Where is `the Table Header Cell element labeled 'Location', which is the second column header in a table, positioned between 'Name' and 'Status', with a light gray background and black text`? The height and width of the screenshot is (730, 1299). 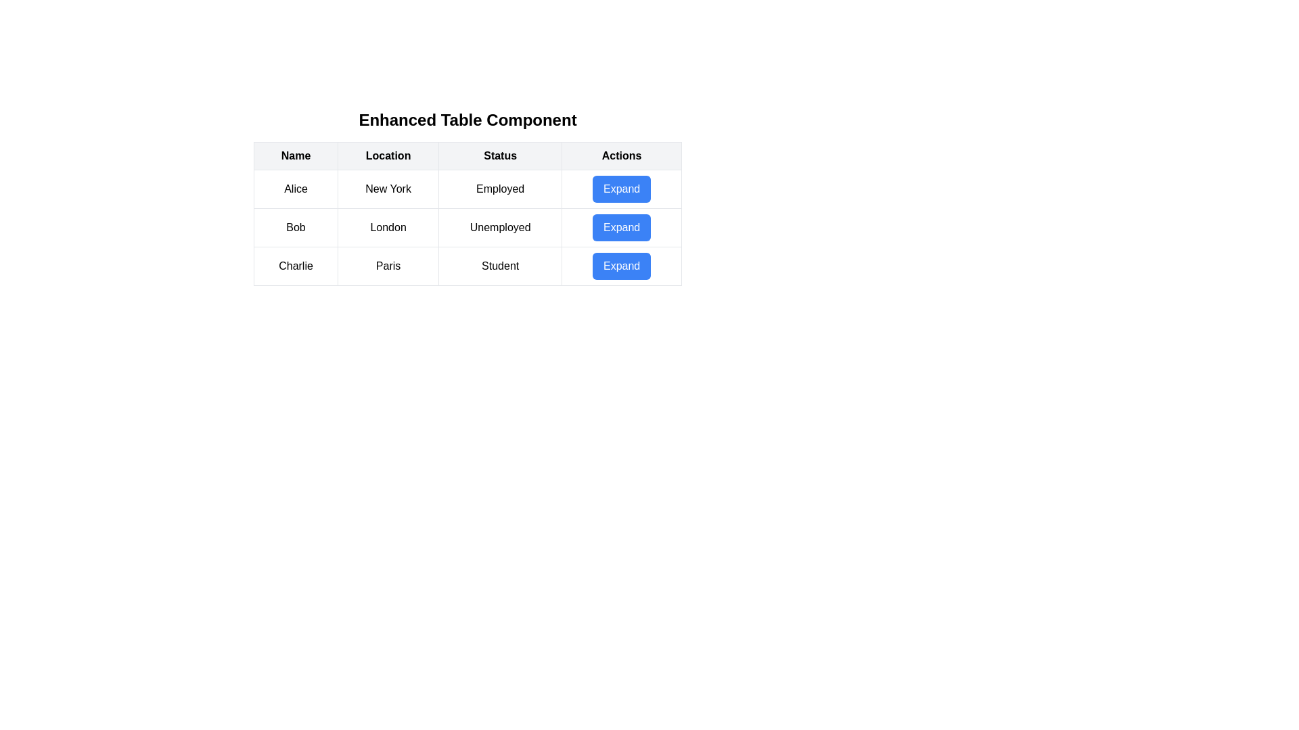
the Table Header Cell element labeled 'Location', which is the second column header in a table, positioned between 'Name' and 'Status', with a light gray background and black text is located at coordinates (388, 155).